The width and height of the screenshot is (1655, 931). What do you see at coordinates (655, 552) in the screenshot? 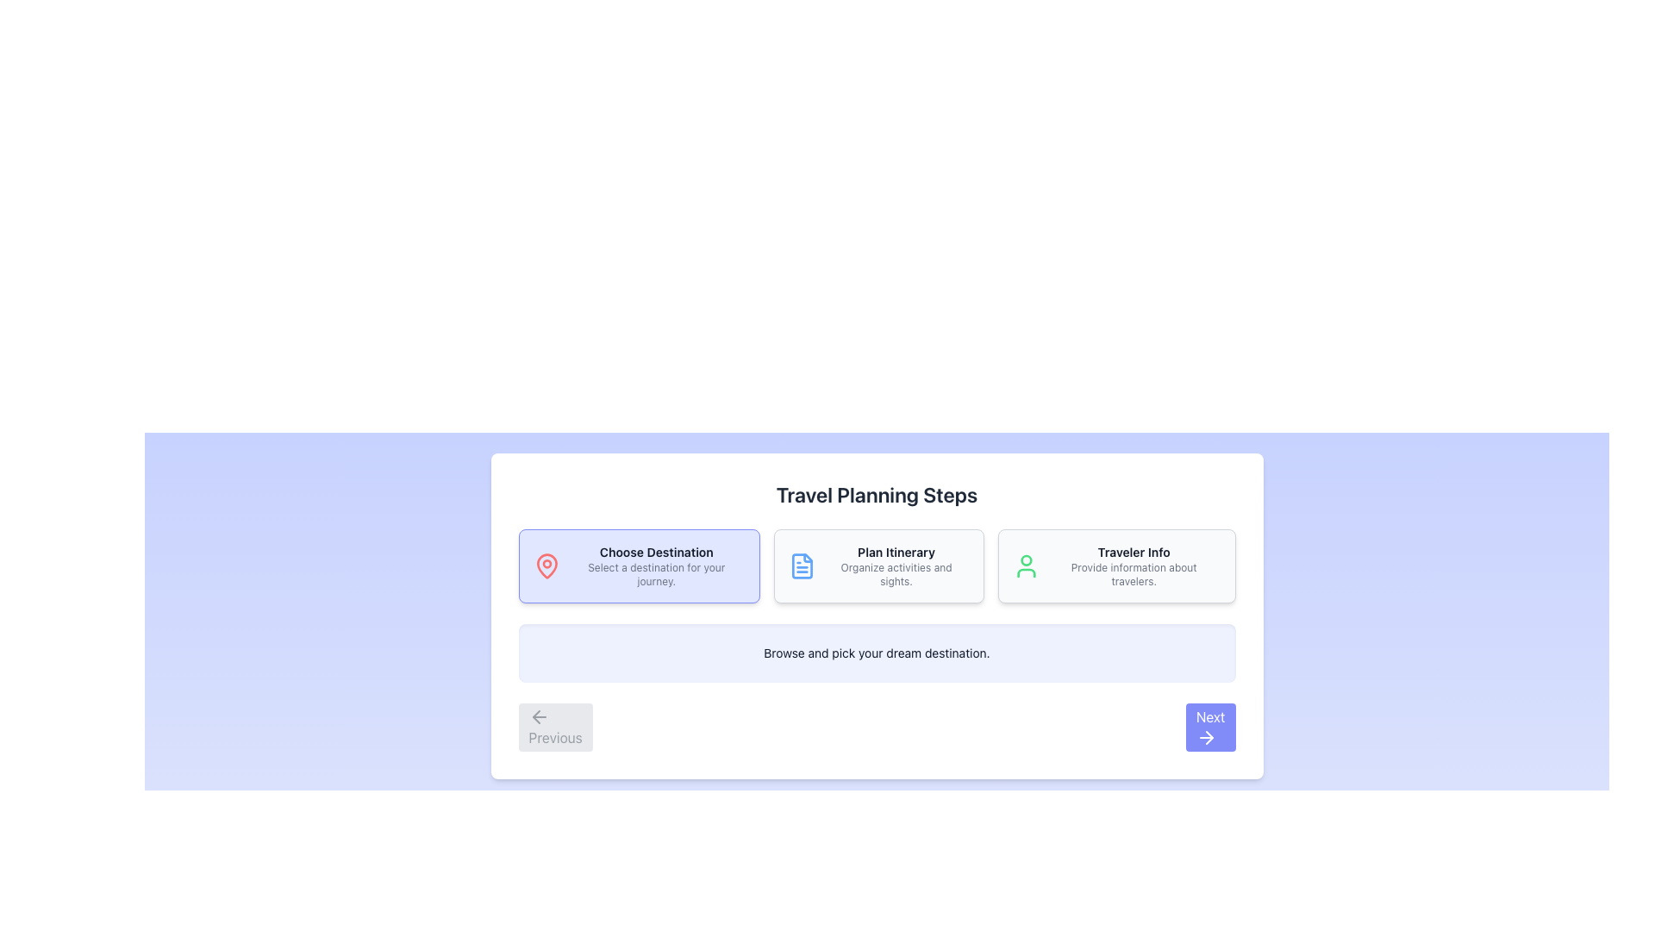
I see `text from the 'Choose Destination' Text Label element located in the header area of the first card in the 'Travel Planning Steps' section` at bounding box center [655, 552].